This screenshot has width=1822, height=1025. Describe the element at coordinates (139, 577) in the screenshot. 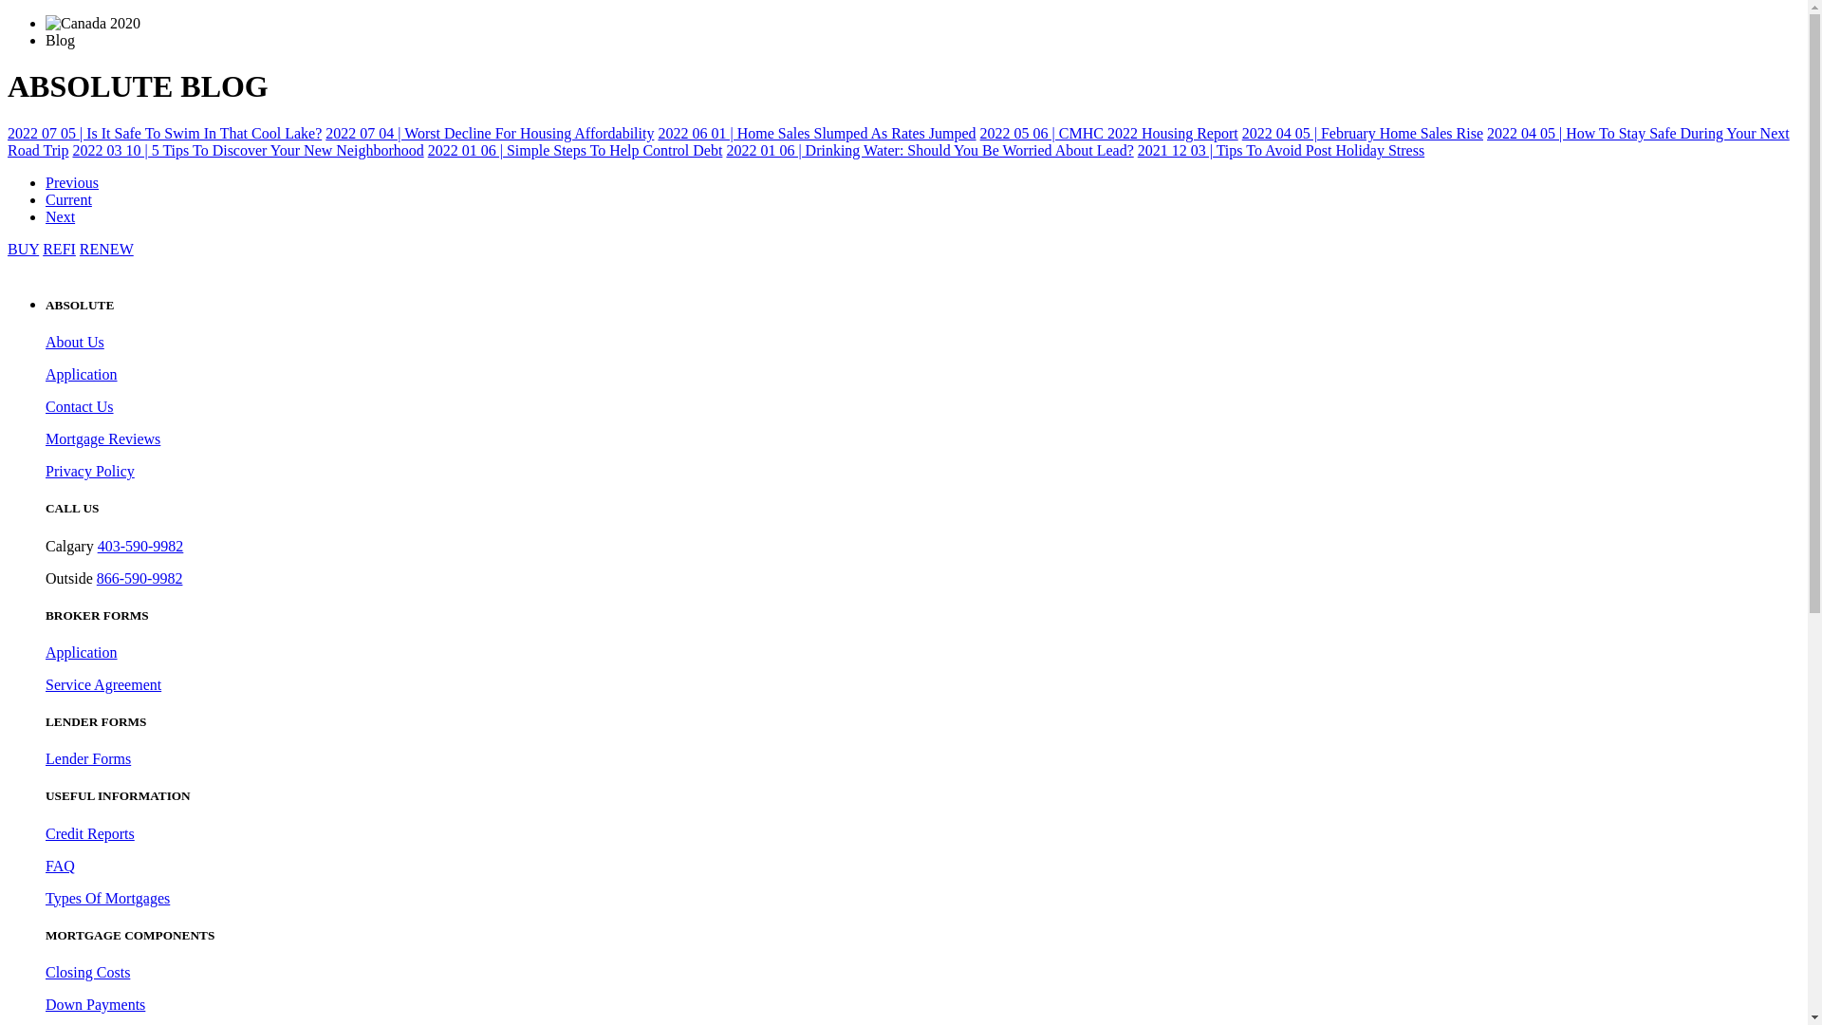

I see `'866-590-9982'` at that location.